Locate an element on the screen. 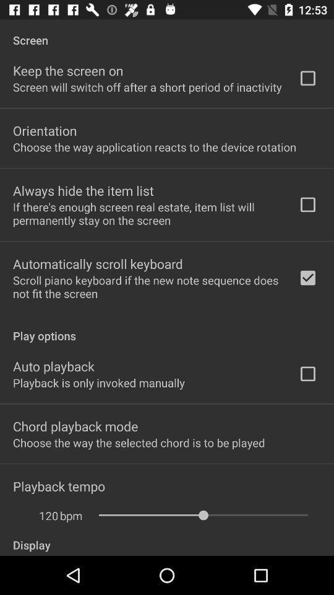 The image size is (334, 595). the bpm icon is located at coordinates (71, 516).